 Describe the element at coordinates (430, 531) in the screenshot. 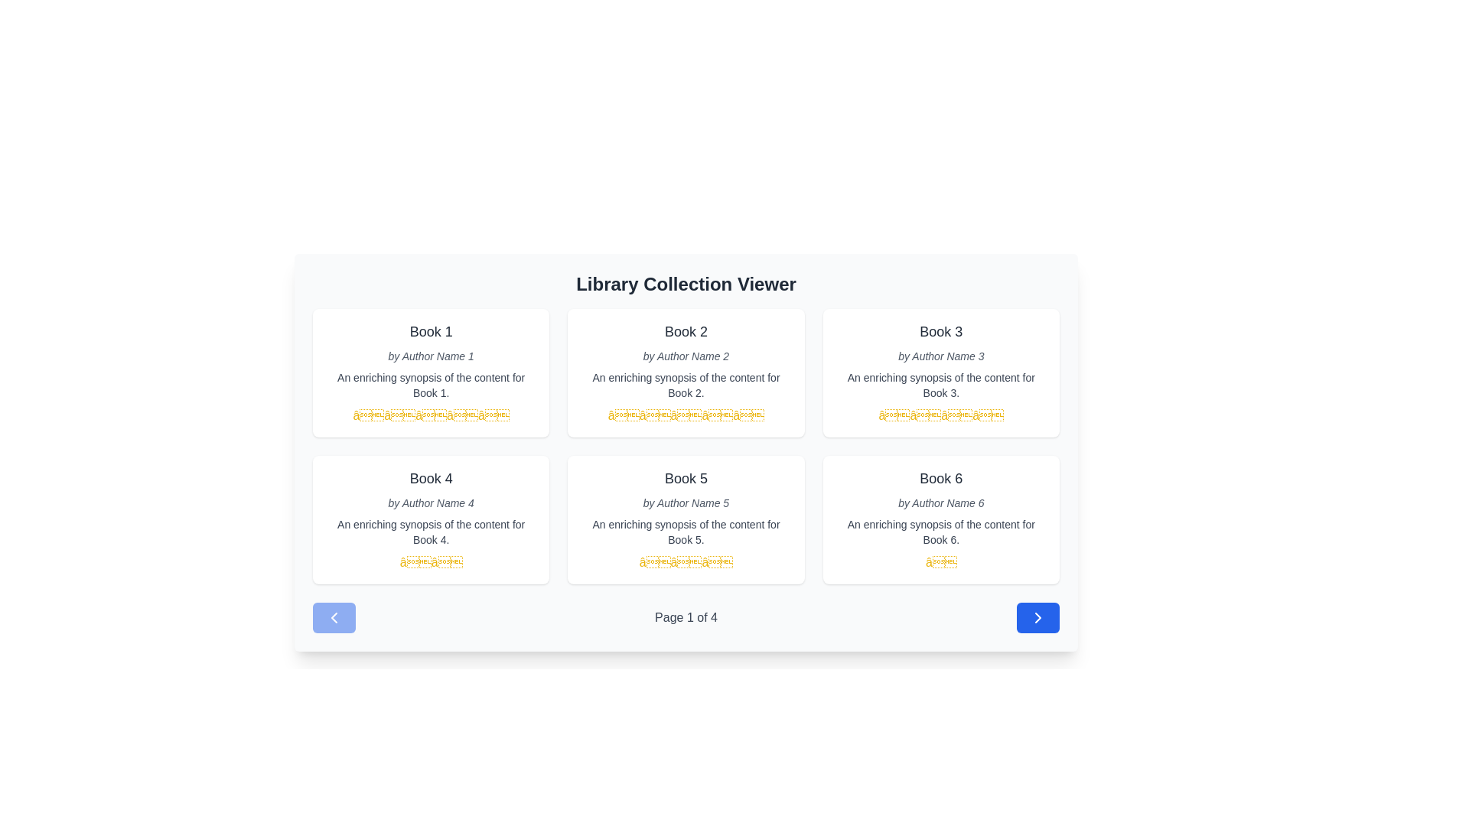

I see `the text display that provides a synopsis for 'Book 4', which is located beneath the author's name 'by Author Name 4' and above the rating stars` at that location.